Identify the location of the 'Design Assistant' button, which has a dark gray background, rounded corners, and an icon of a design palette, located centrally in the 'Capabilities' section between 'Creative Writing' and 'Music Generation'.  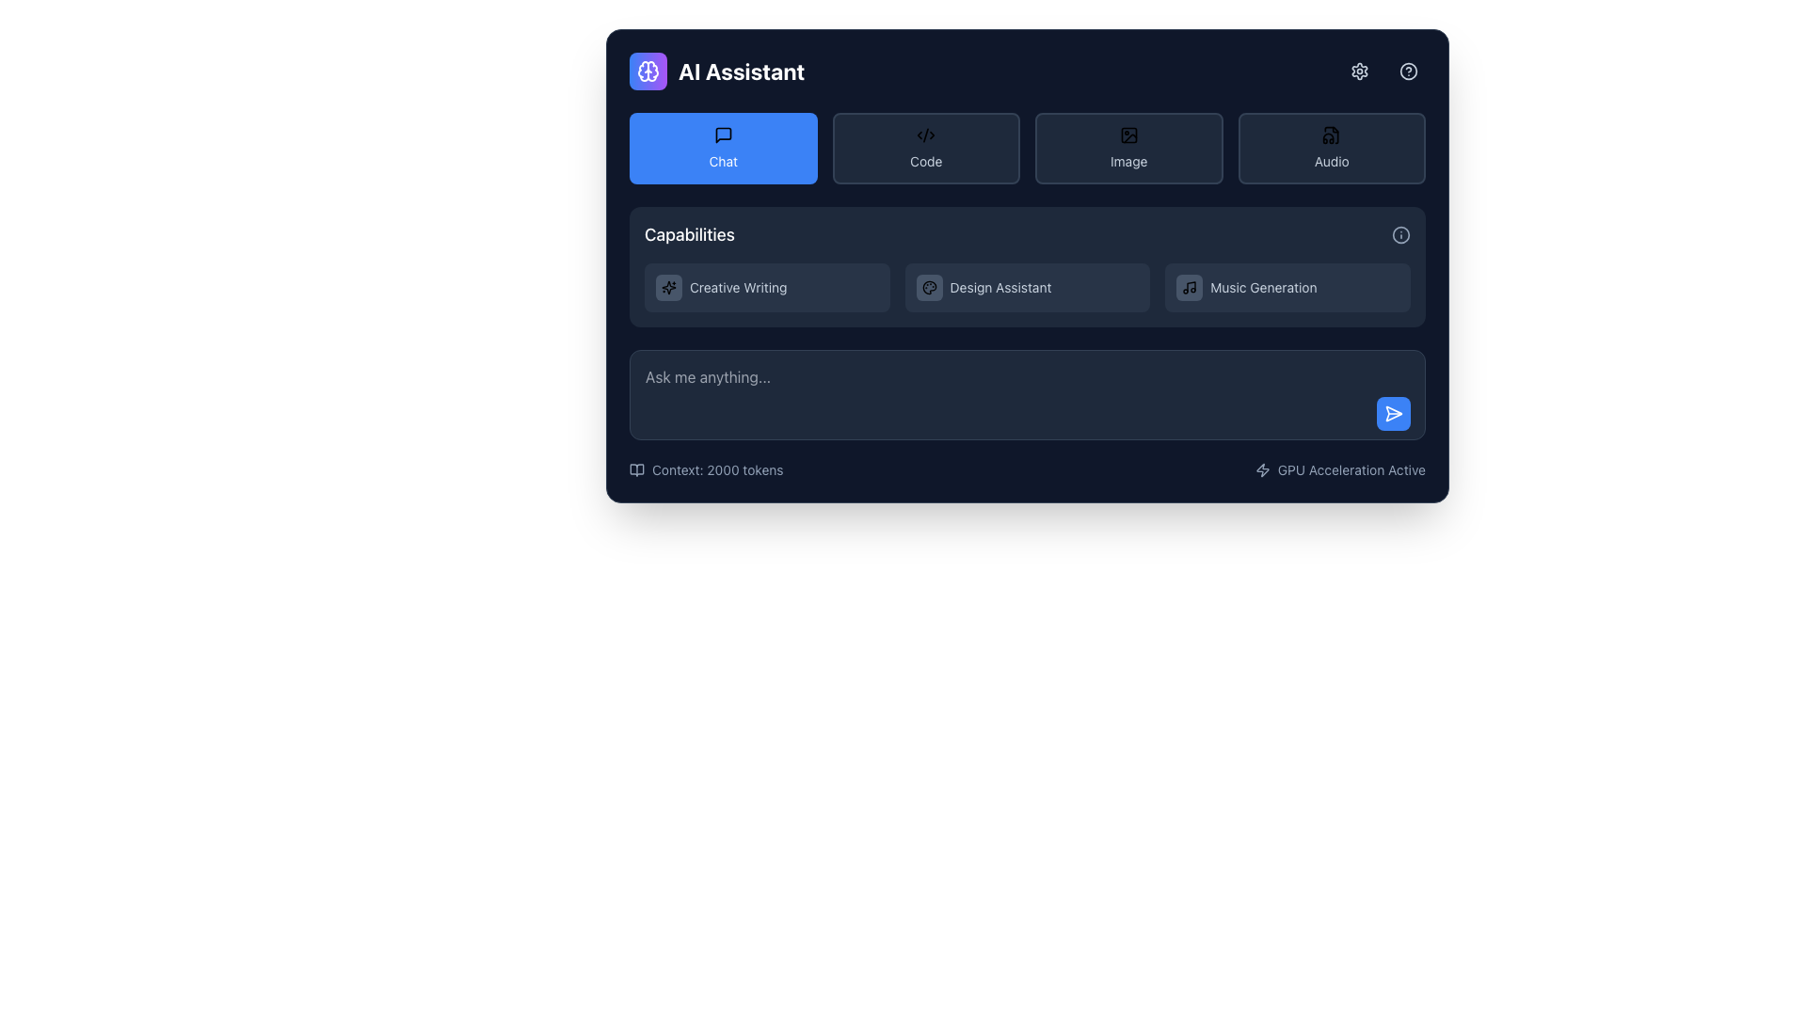
(1026, 287).